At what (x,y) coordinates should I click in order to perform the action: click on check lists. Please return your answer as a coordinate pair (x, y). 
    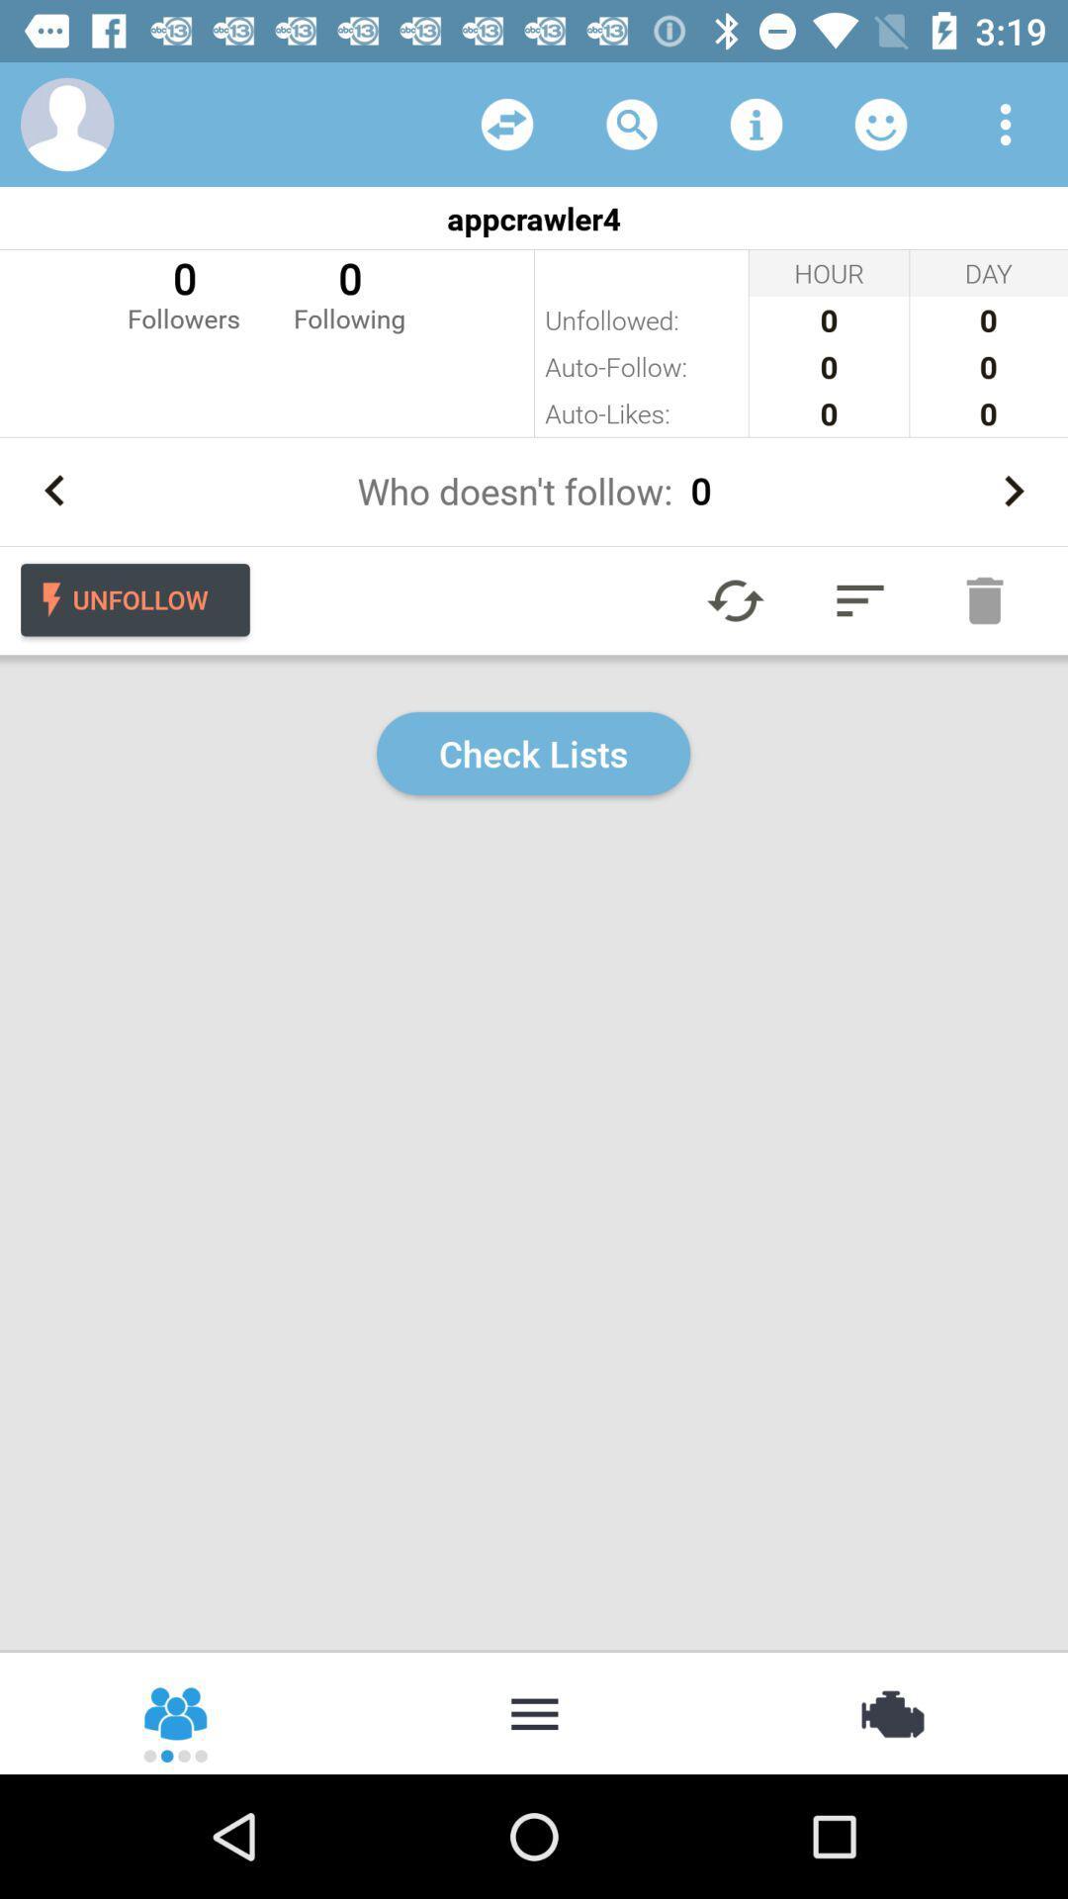
    Looking at the image, I should click on (532, 753).